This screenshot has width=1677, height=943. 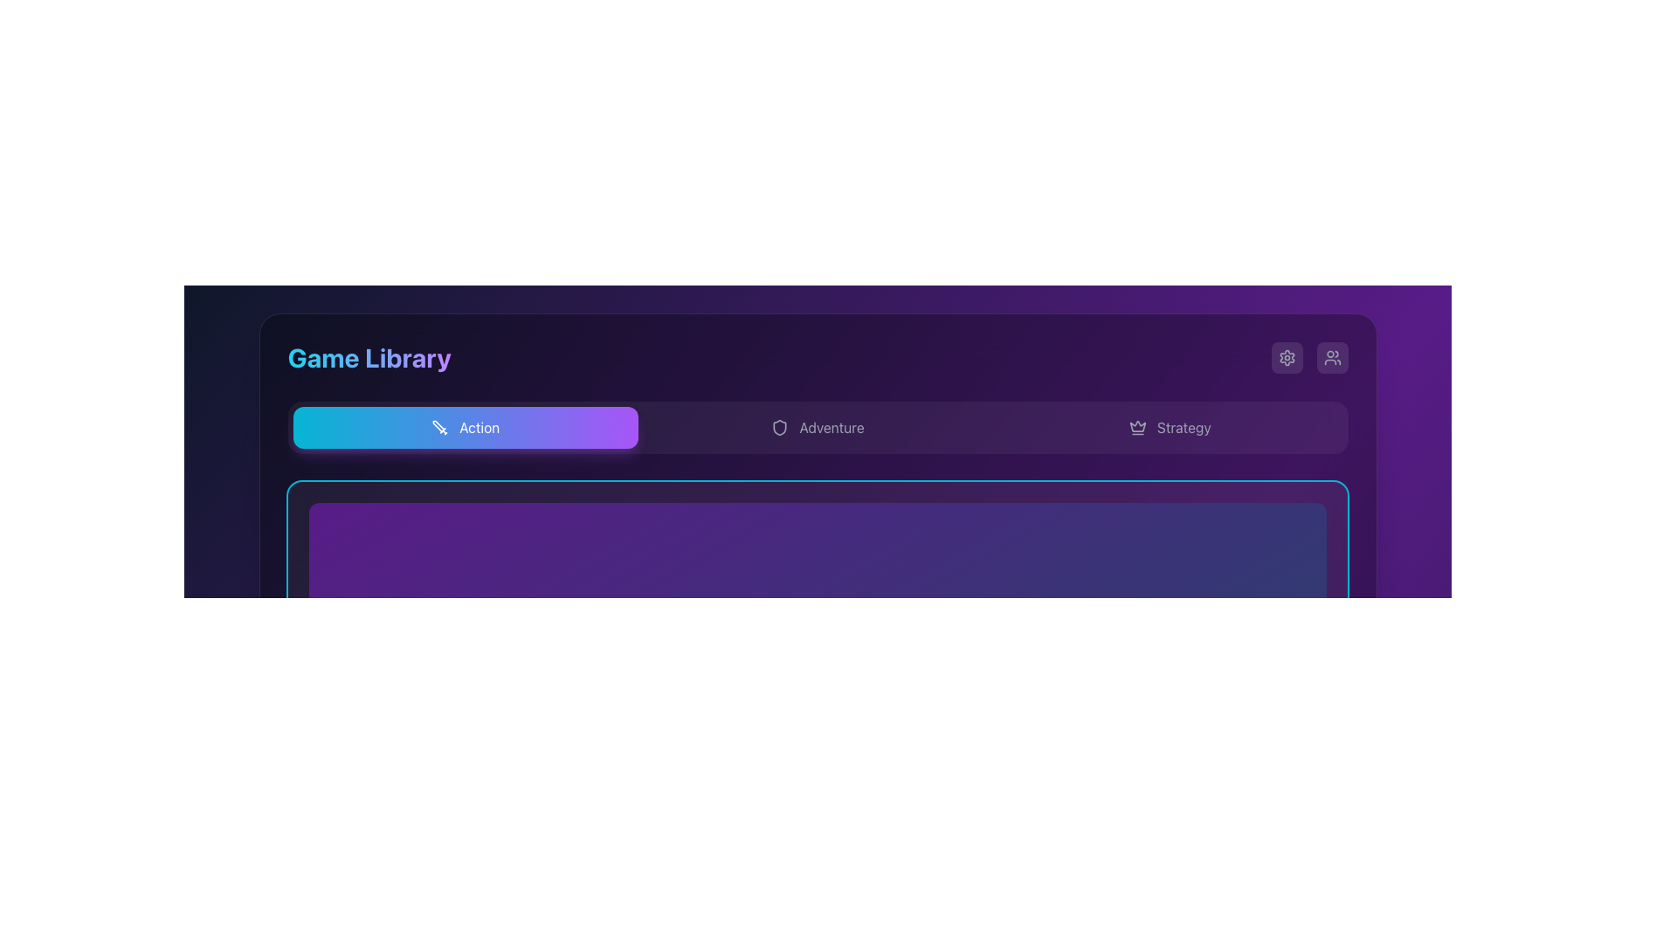 I want to click on the second button from the right in the horizontal group located at the top-right corner of the interface to observe its tooltip or effect, so click(x=1331, y=356).